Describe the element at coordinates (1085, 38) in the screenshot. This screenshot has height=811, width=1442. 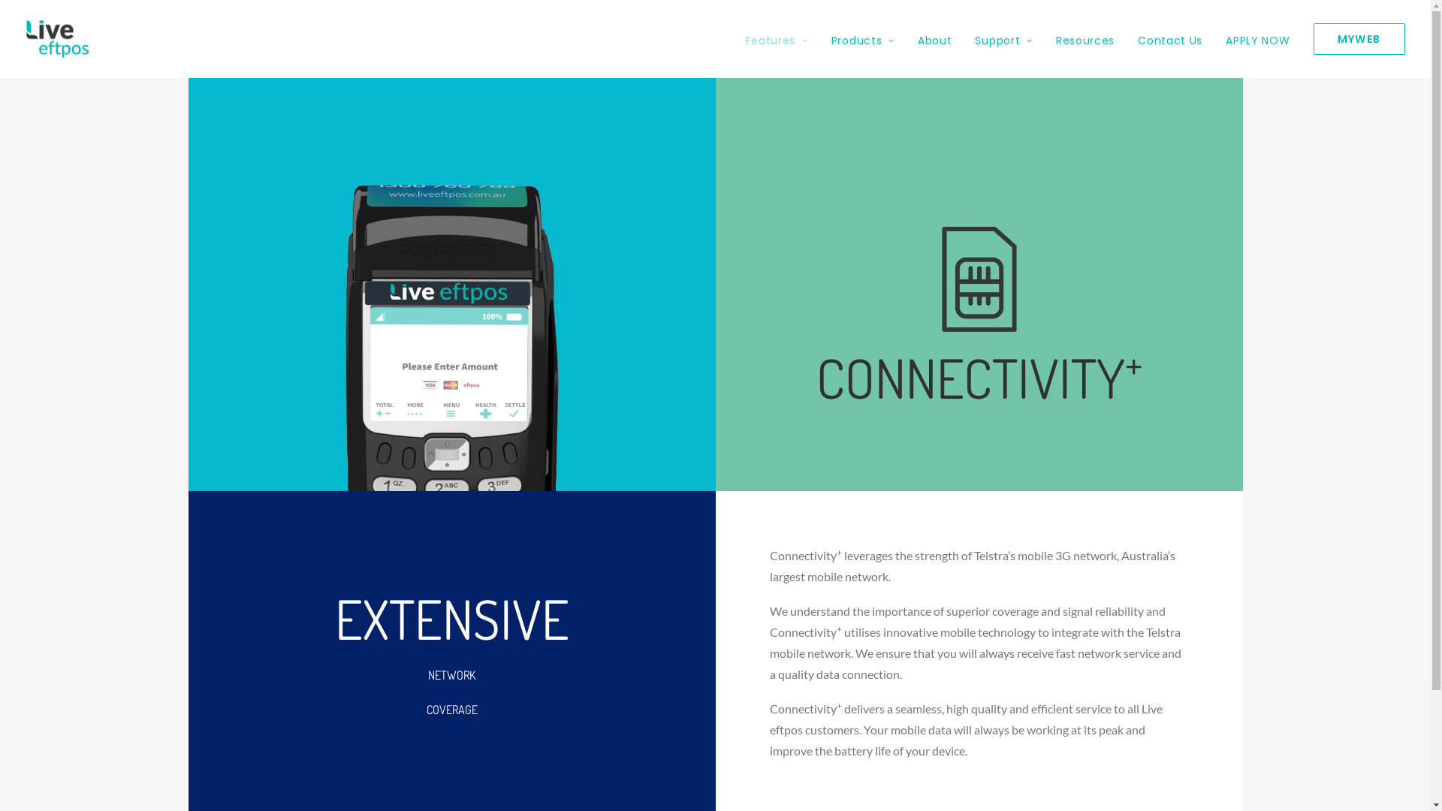
I see `'Resources'` at that location.